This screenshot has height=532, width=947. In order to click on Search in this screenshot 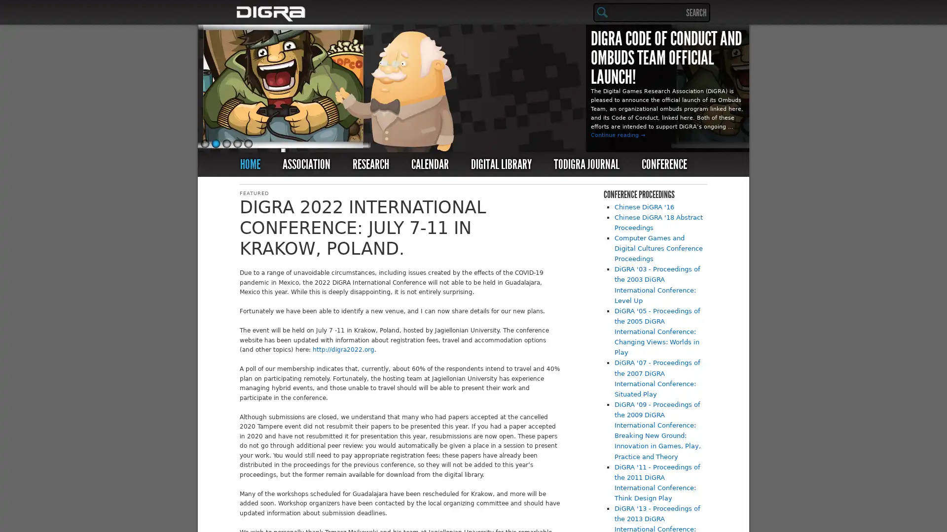, I will do `click(602, 12)`.